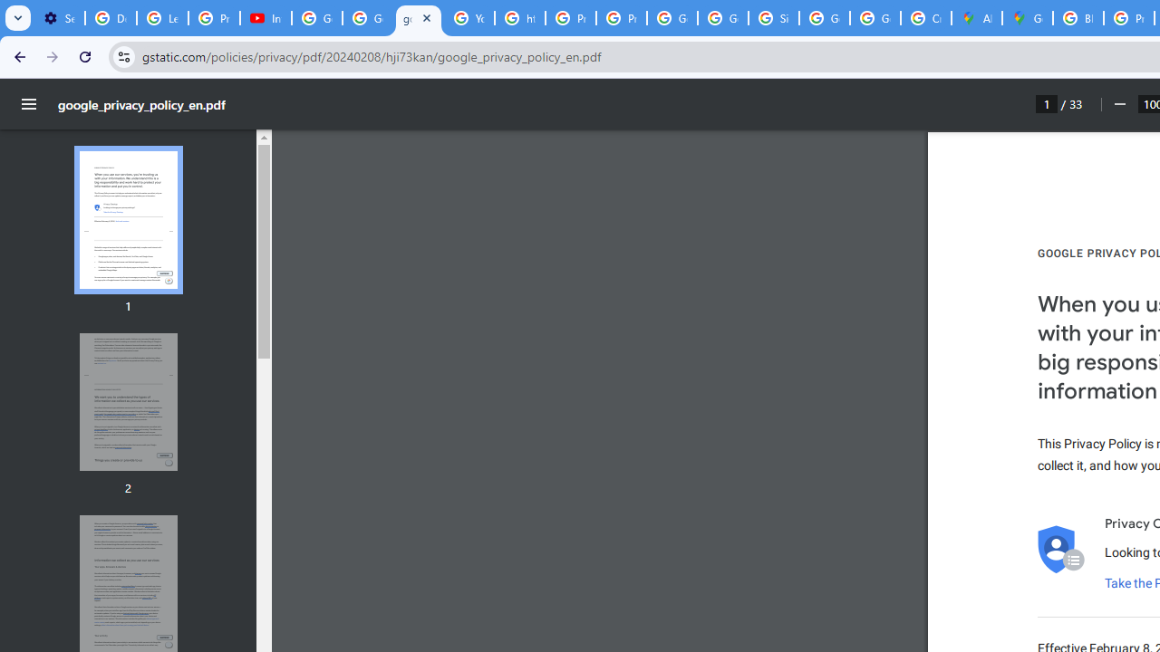  Describe the element at coordinates (265, 18) in the screenshot. I see `'Introduction | Google Privacy Policy - YouTube'` at that location.